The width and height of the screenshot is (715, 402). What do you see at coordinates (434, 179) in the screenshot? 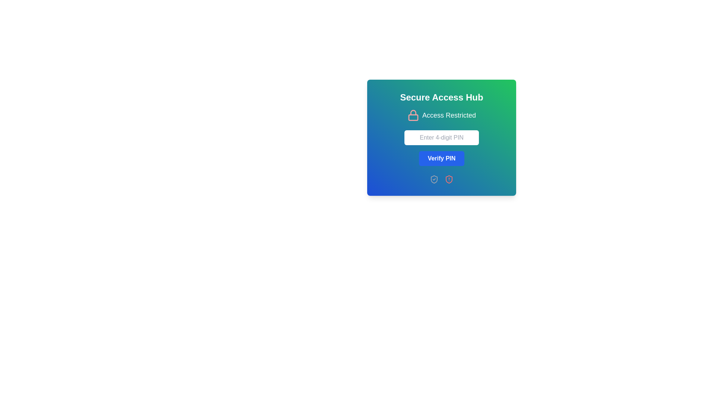
I see `the shield-shaped icon located in the lower center section of the card interface` at bounding box center [434, 179].